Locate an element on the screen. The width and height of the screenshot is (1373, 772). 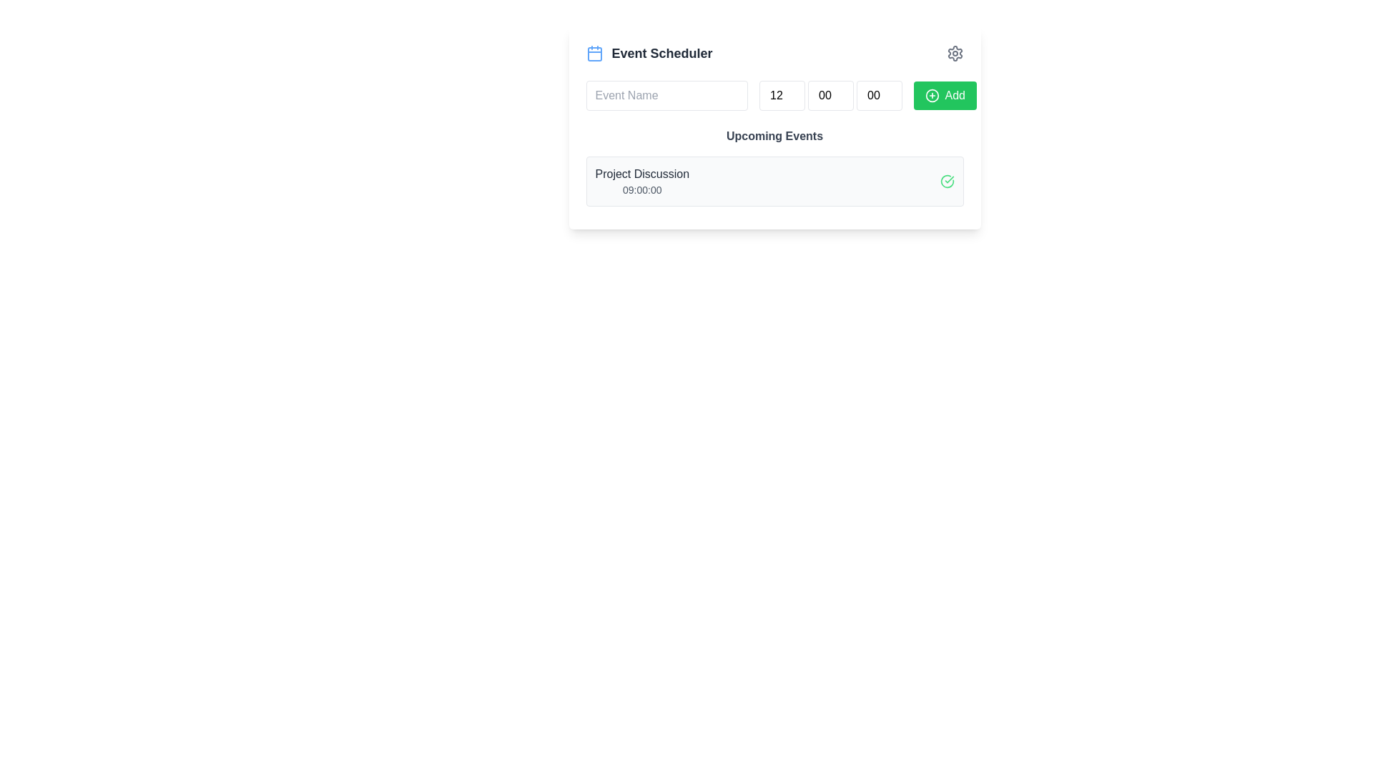
the blue calendar icon located to the left of the 'Event Scheduler' text in the main header of the interface is located at coordinates (594, 52).